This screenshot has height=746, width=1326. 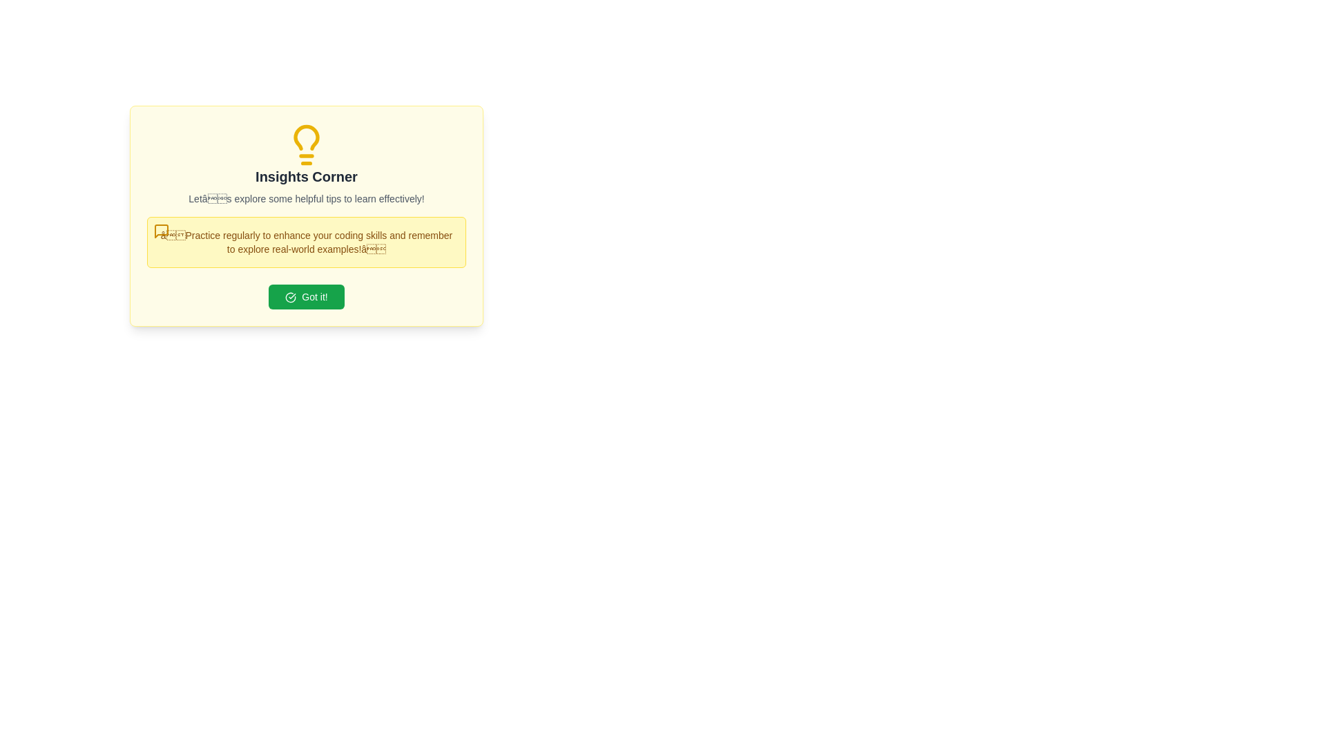 What do you see at coordinates (306, 242) in the screenshot?
I see `the informational text block within the yellow-bordered, rounded rectangle section, located below the 'Insights Corner' header and above the 'Got it!' button` at bounding box center [306, 242].